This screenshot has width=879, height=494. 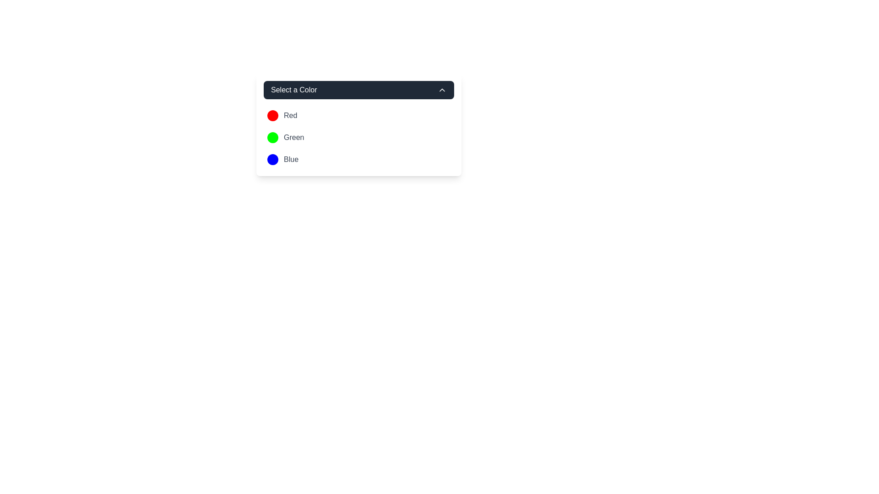 I want to click on the 'Blue' option in the color selection dropdown menu, which is the third item in the list under 'Select a Color', so click(x=282, y=159).